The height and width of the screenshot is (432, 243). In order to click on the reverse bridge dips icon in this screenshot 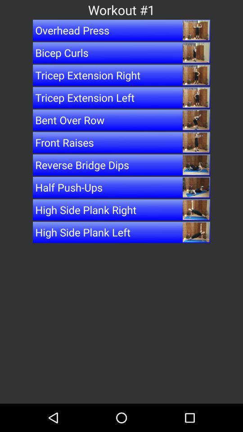, I will do `click(121, 164)`.